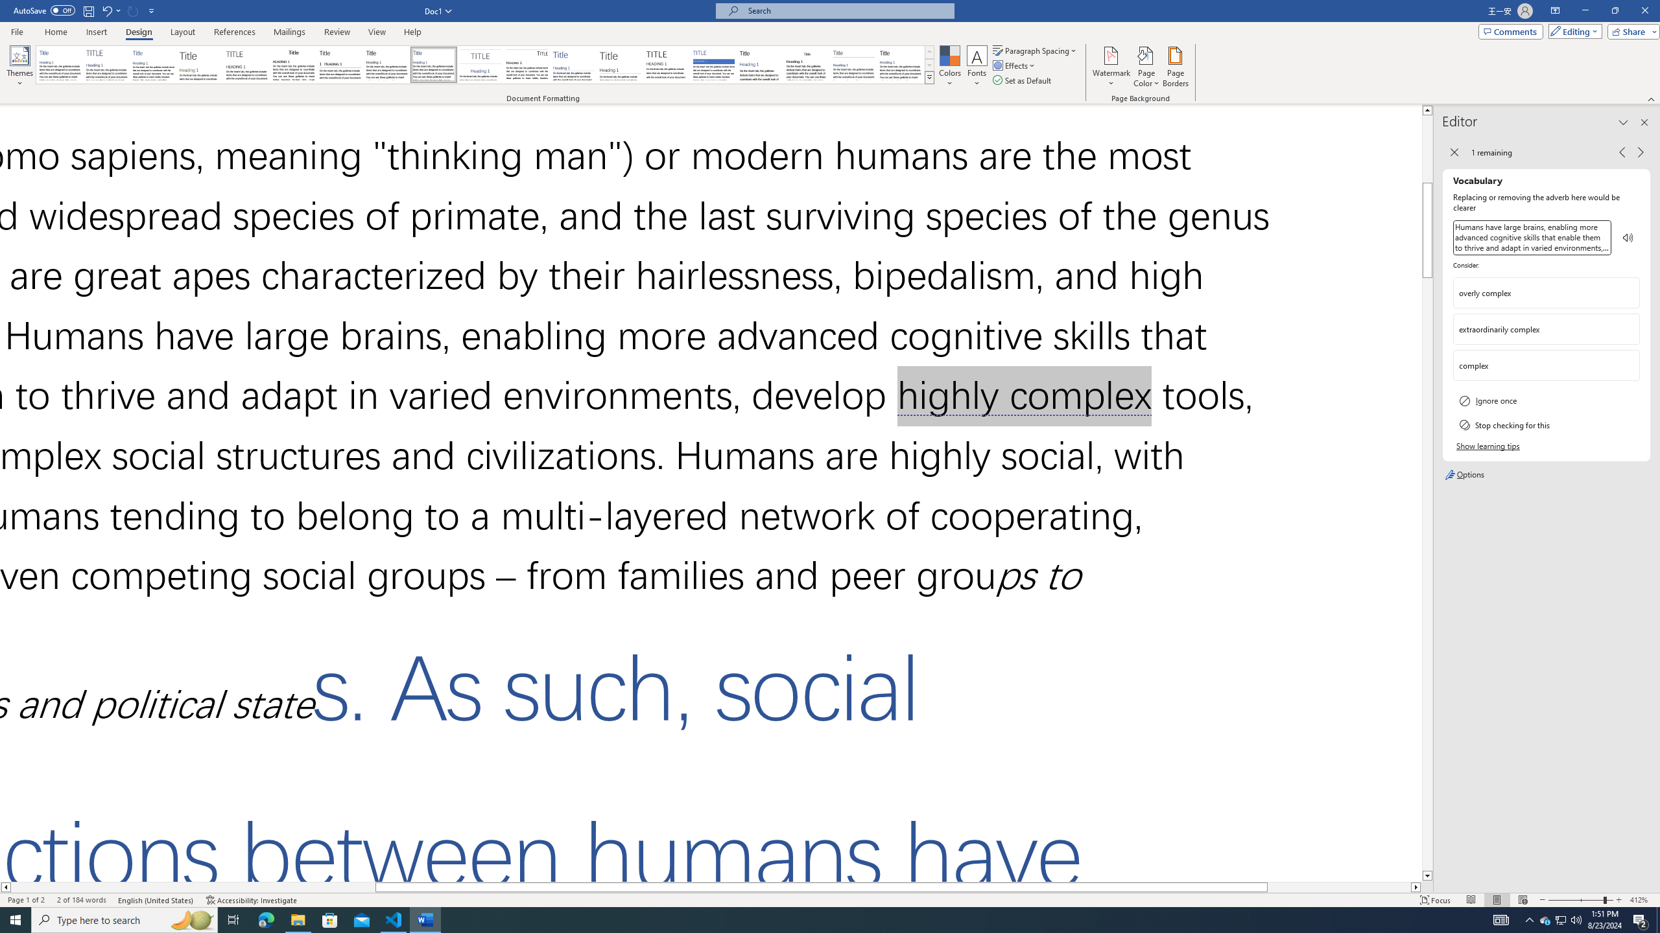  I want to click on 'Column right', so click(1416, 886).